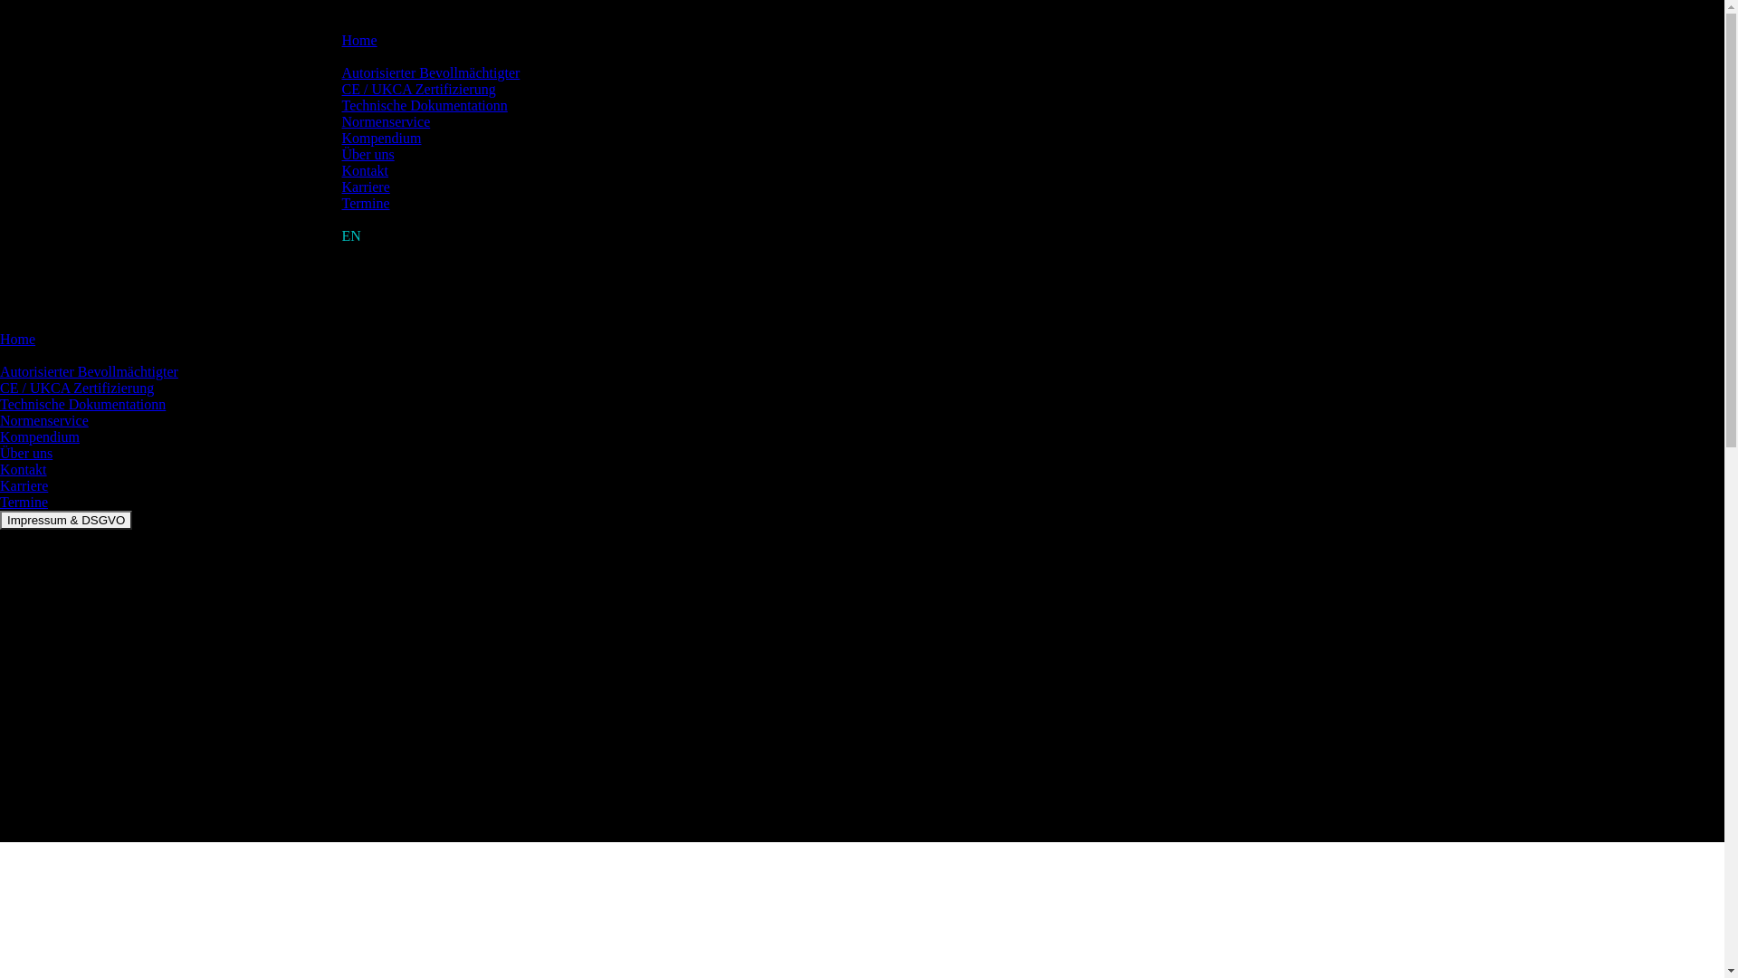 The width and height of the screenshot is (1738, 978). I want to click on 'Technische Dokumentationn', so click(81, 403).